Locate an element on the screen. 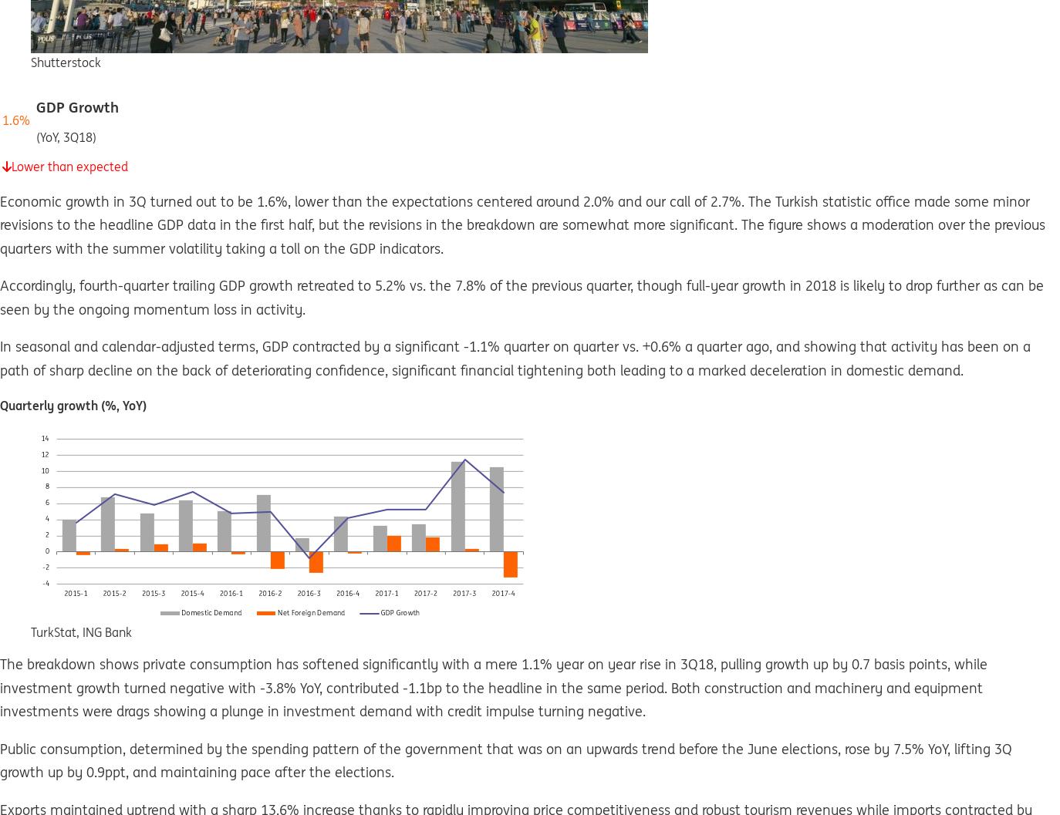  'GDP Growth' is located at coordinates (76, 106).